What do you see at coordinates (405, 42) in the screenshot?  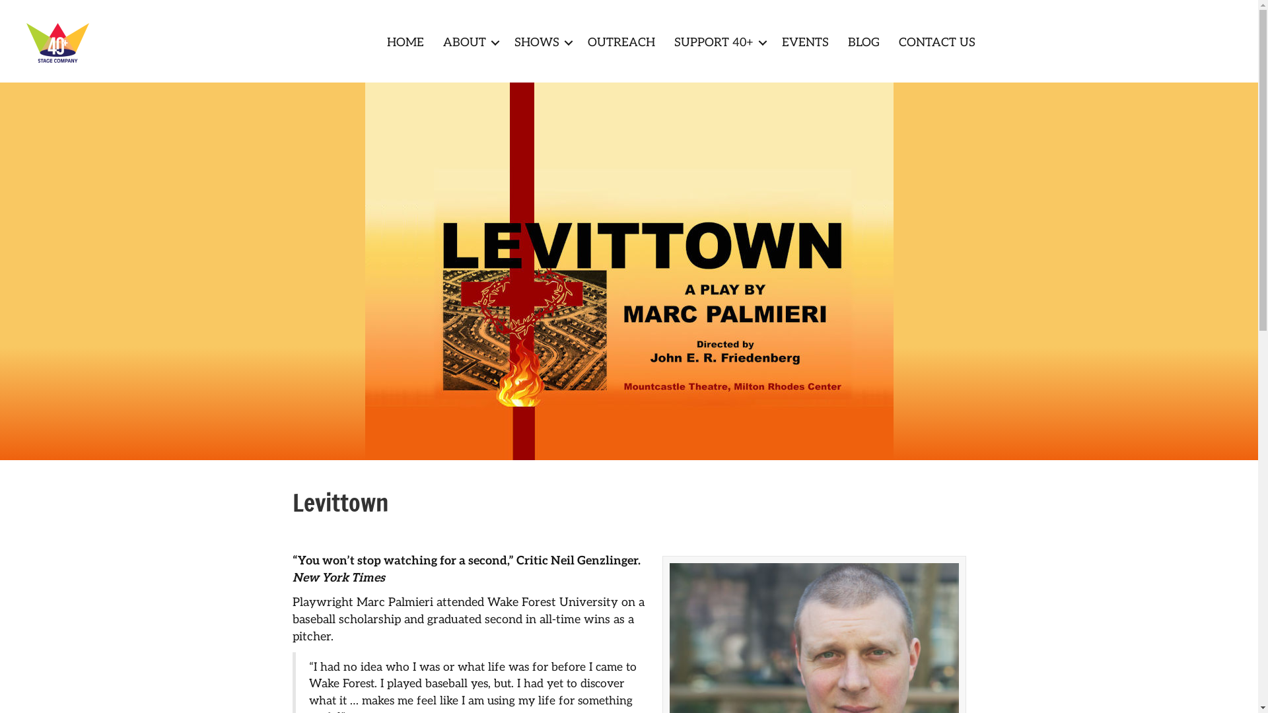 I see `'HOME'` at bounding box center [405, 42].